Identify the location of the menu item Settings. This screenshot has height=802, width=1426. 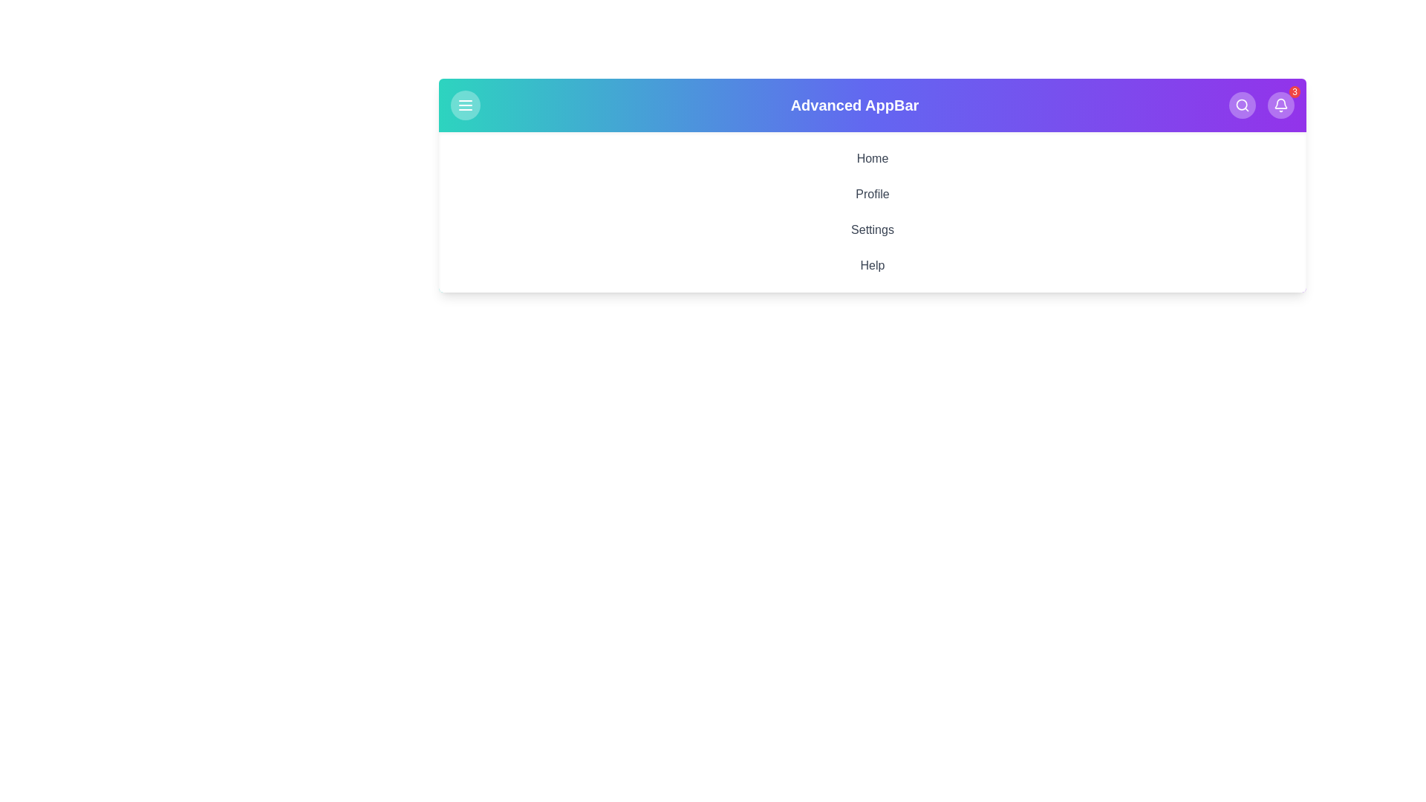
(873, 229).